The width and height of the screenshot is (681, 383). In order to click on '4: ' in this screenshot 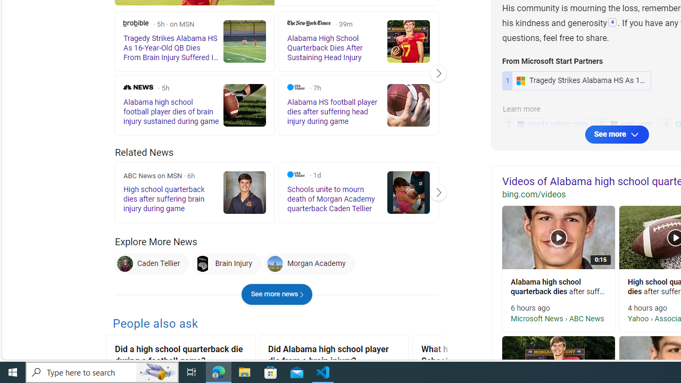, I will do `click(612, 23)`.